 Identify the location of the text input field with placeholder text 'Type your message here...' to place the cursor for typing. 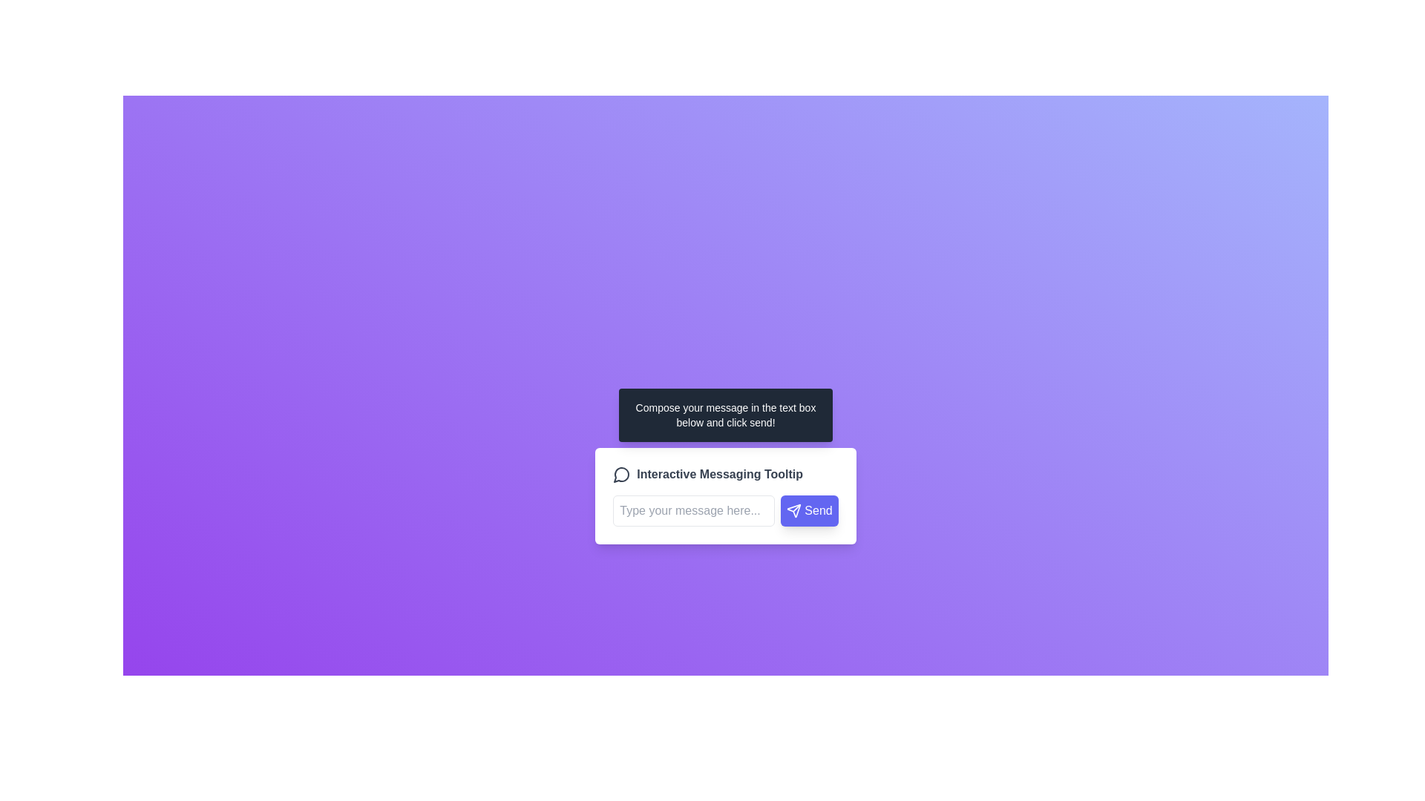
(693, 510).